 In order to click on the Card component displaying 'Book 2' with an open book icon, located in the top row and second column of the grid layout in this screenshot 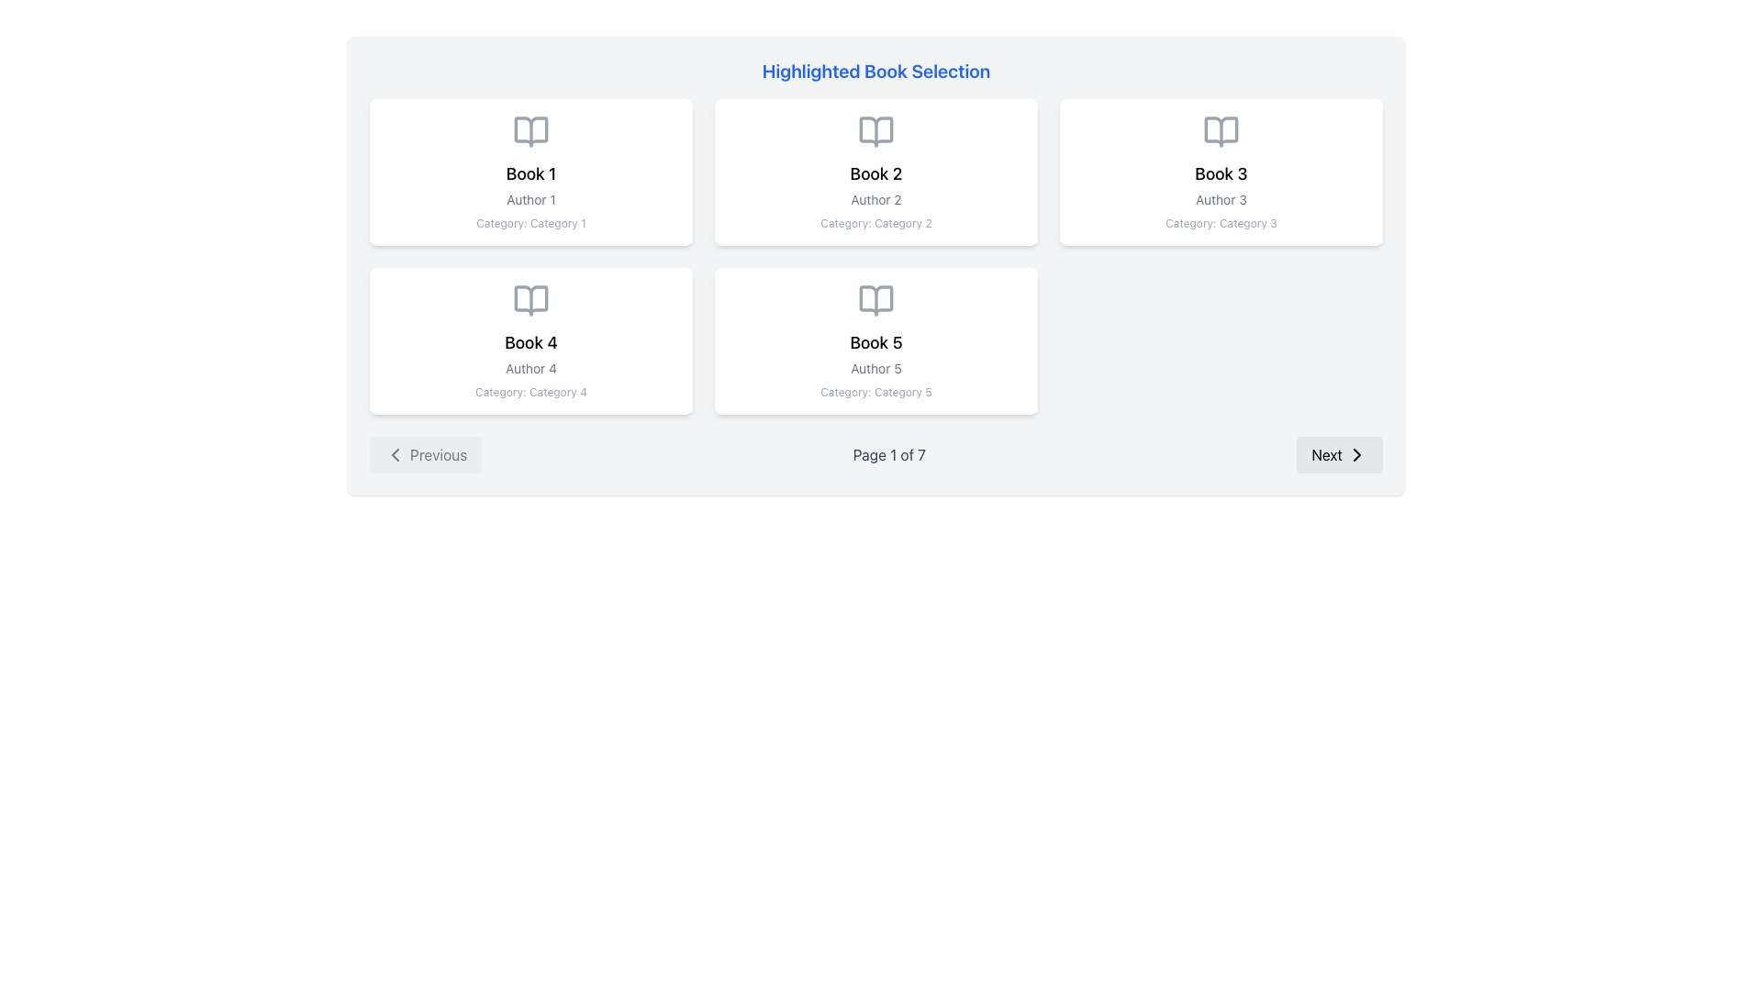, I will do `click(875, 173)`.